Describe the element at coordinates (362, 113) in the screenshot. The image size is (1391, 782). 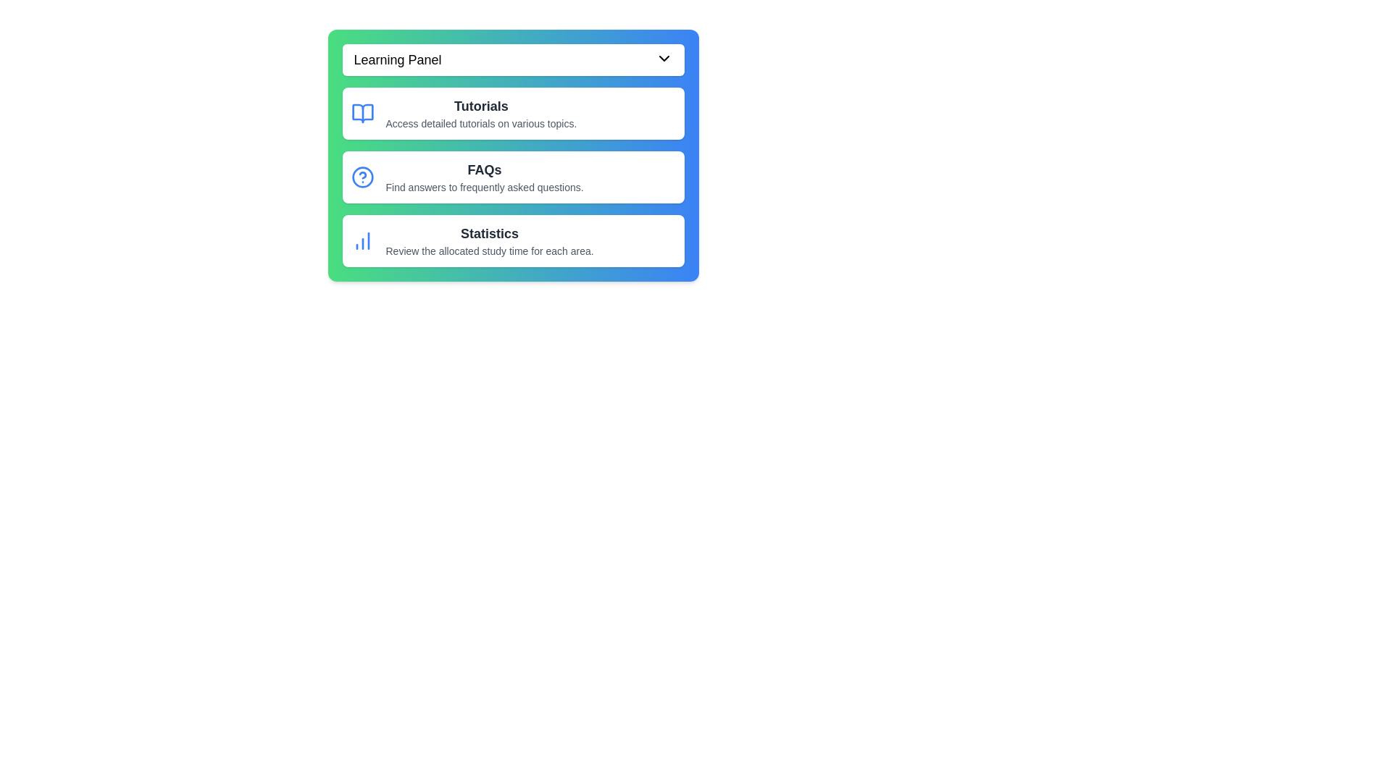
I see `the icon corresponding to Tutorials to access its additional actions` at that location.